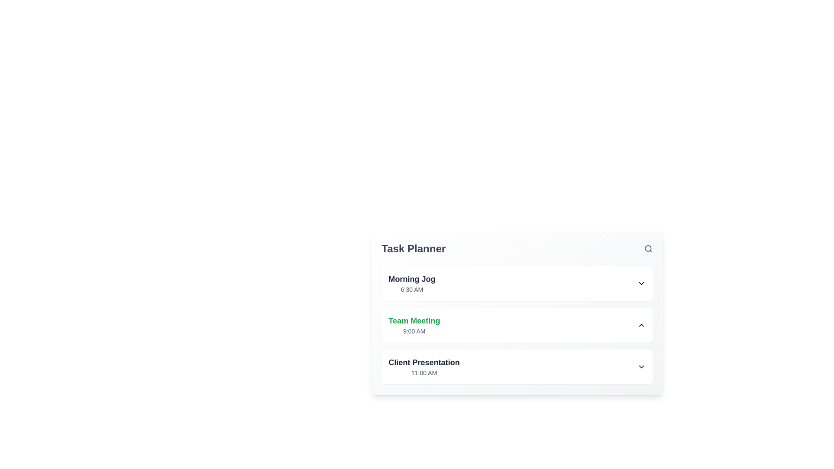  Describe the element at coordinates (414, 321) in the screenshot. I see `the text label displaying 'Team Meeting' in bold green font, which is the title of the second event in the list` at that location.